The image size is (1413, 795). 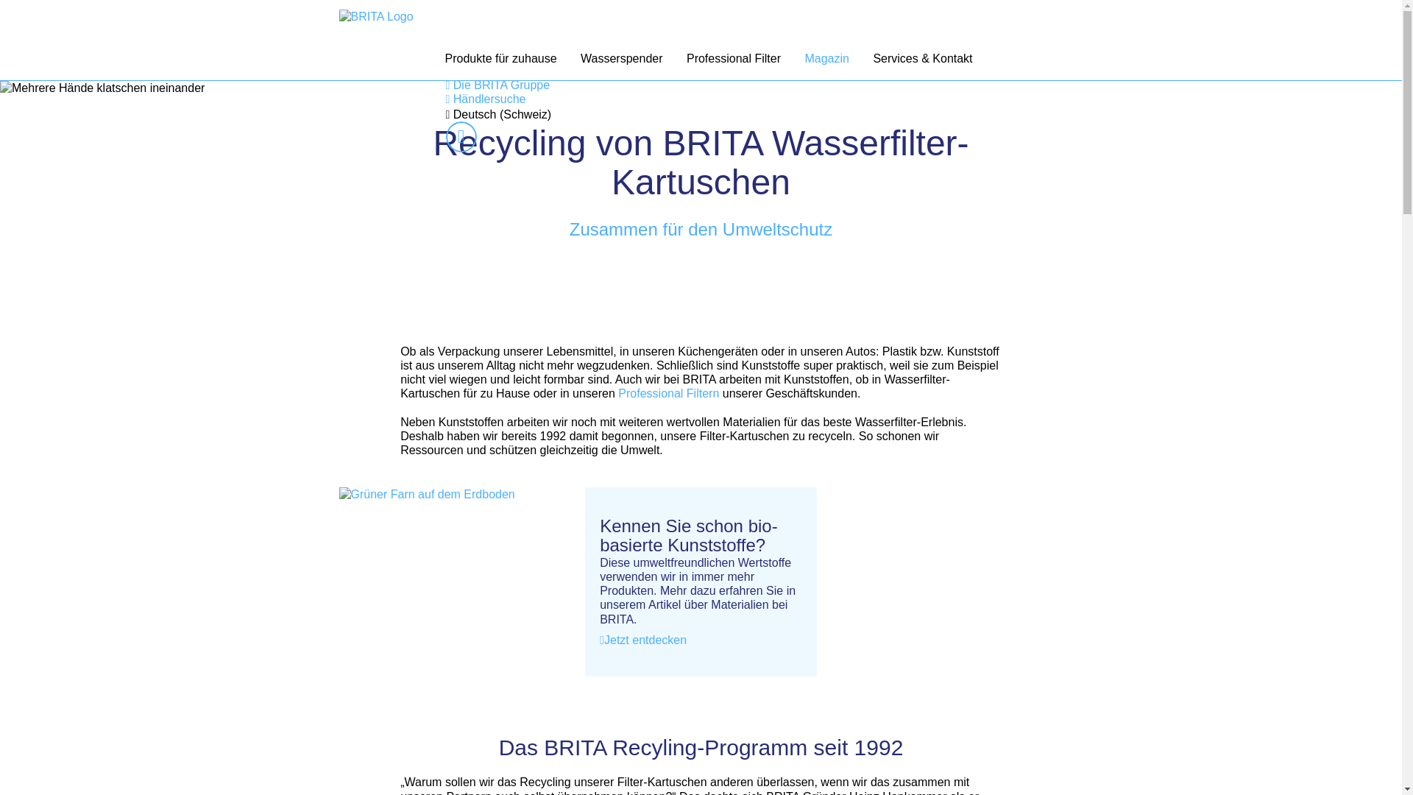 What do you see at coordinates (600, 536) in the screenshot?
I see `'Kennen Sie schon bio-basierte Kunststoffe?'` at bounding box center [600, 536].